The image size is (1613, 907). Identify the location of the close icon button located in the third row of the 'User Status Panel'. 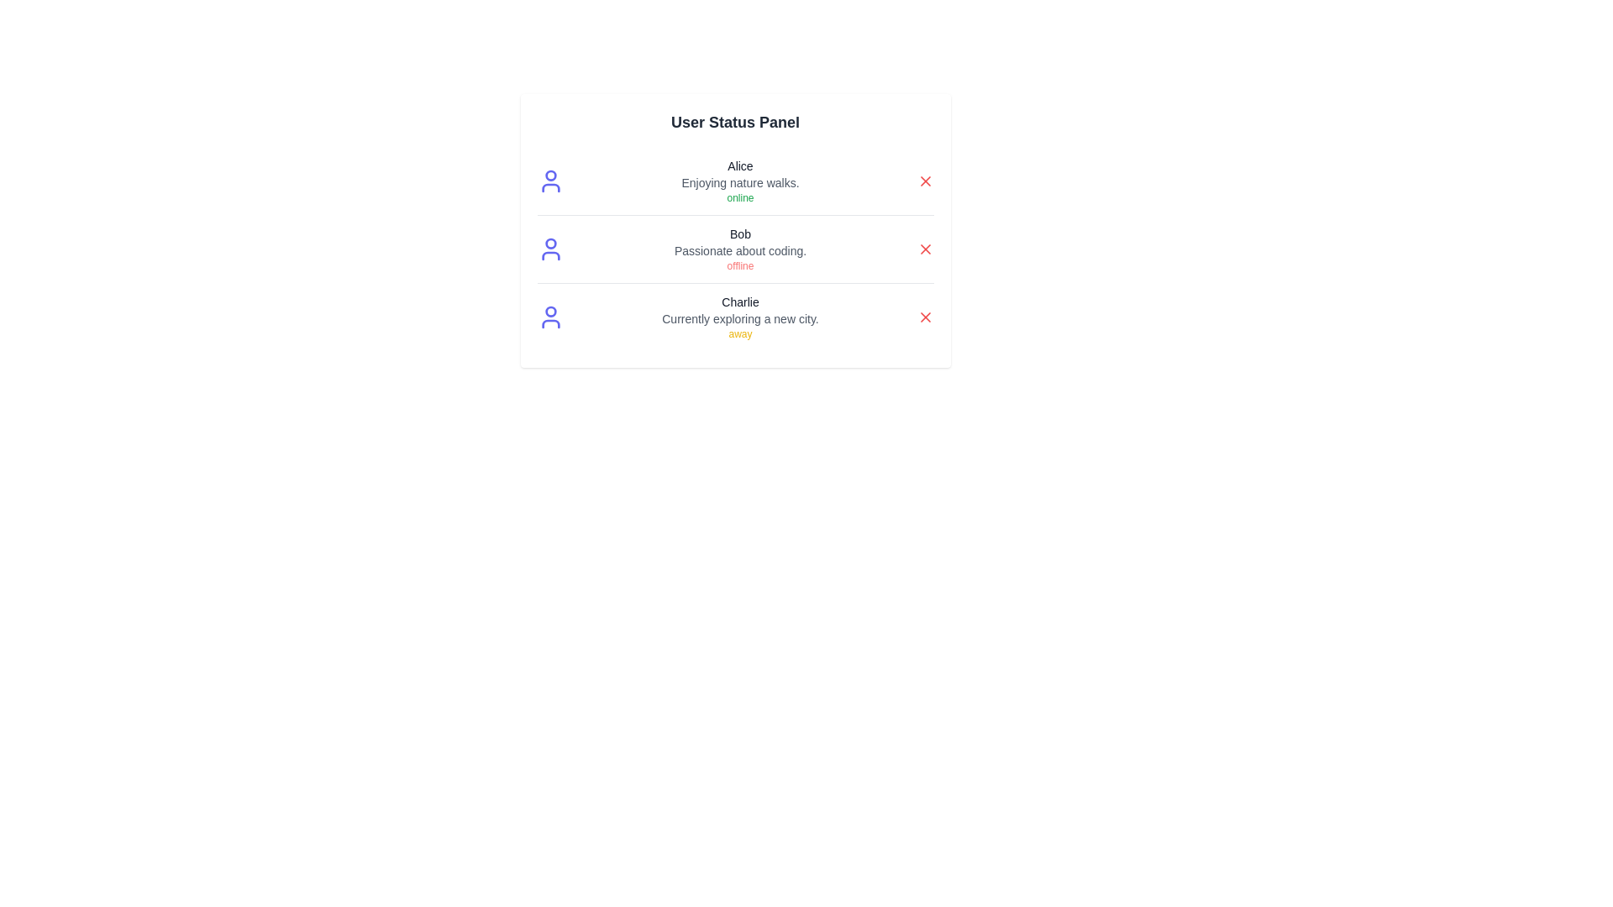
(924, 317).